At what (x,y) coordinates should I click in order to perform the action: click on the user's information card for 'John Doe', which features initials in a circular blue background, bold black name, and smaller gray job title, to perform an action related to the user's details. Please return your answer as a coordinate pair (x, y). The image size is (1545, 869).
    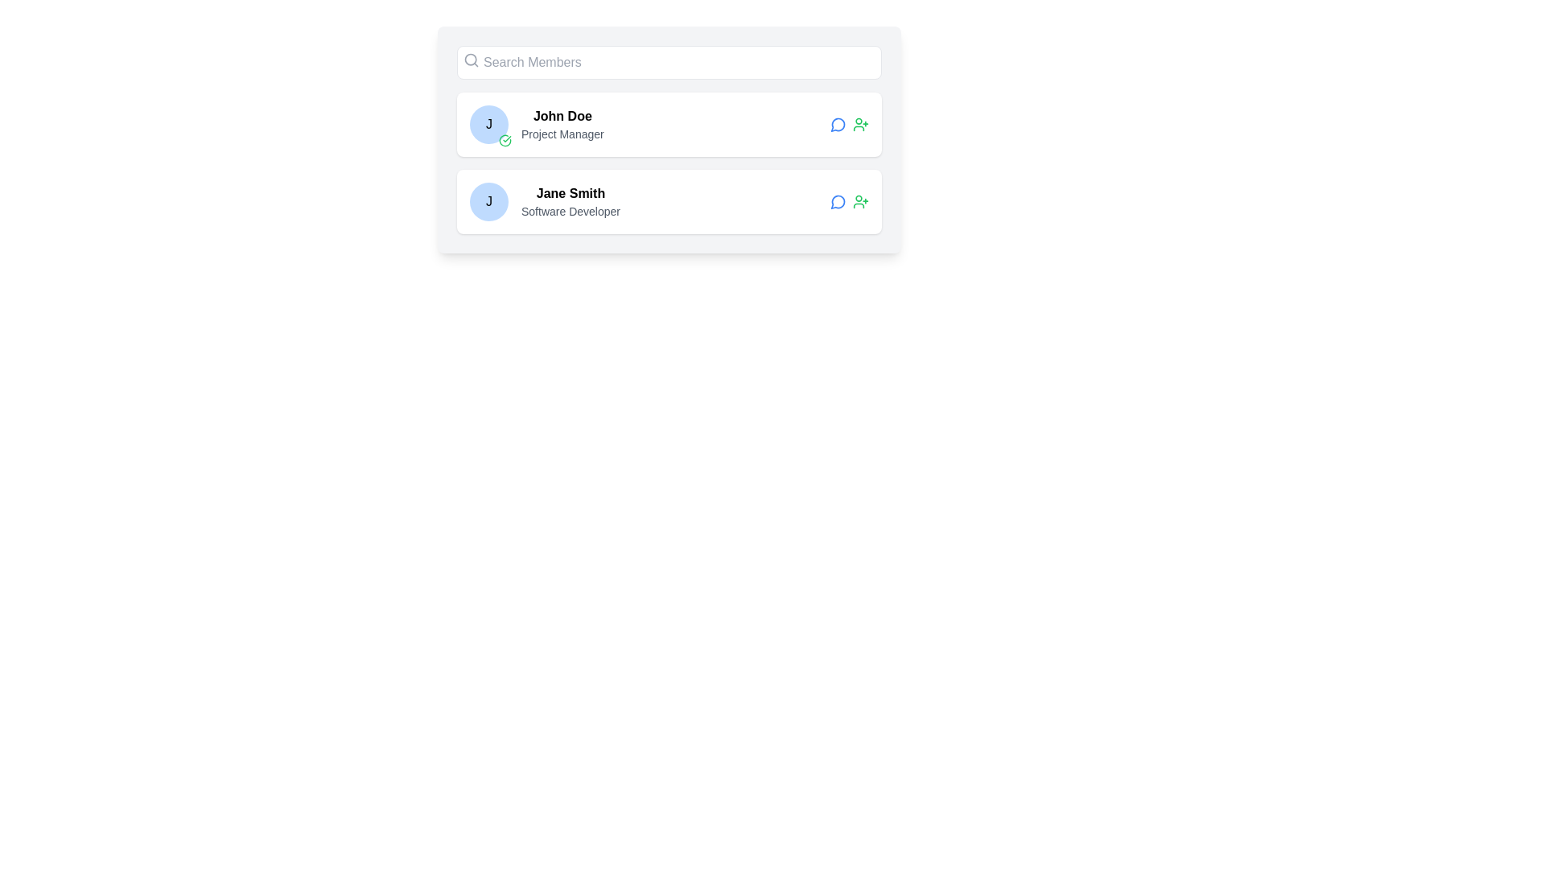
    Looking at the image, I should click on (537, 123).